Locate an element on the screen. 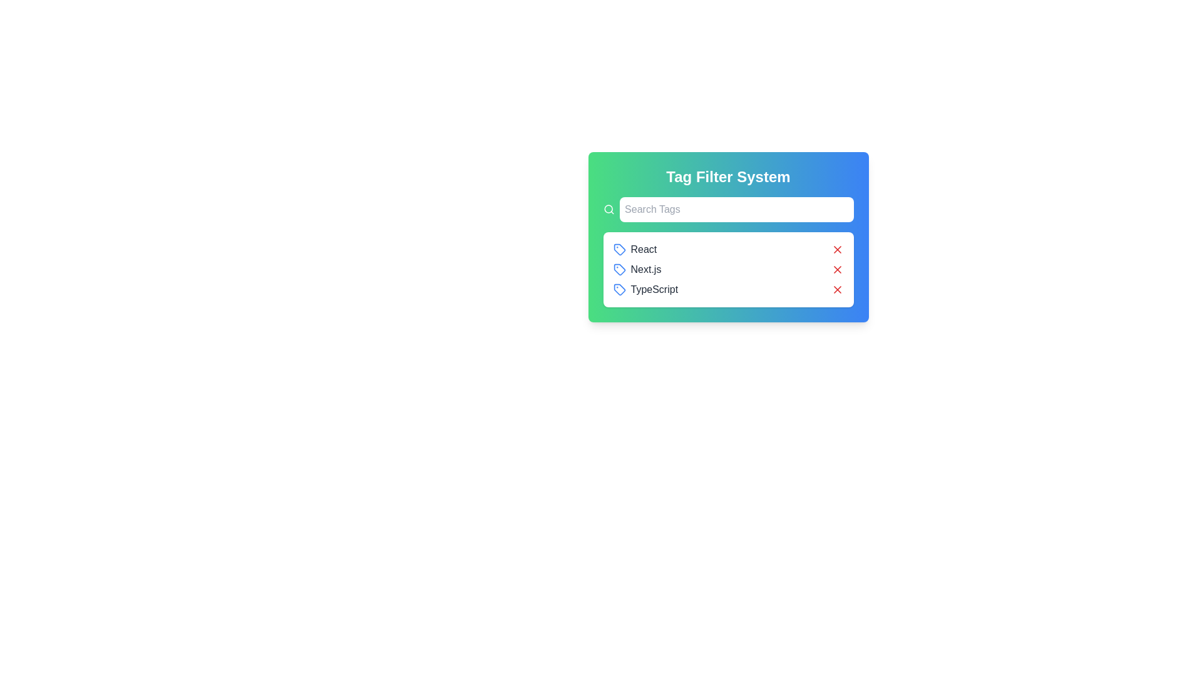  the first selectable tag label that displays 'React' with a blue outlined tag icon is located at coordinates (635, 249).